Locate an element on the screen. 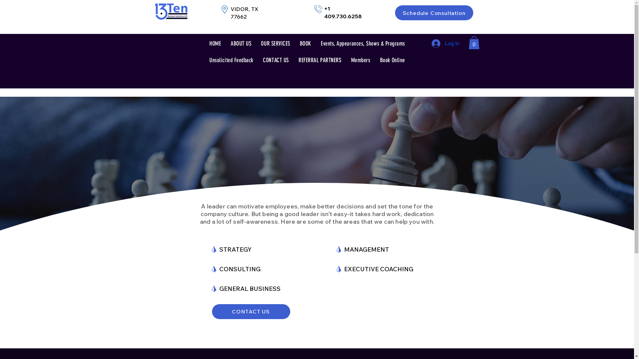  'Members' is located at coordinates (360, 60).